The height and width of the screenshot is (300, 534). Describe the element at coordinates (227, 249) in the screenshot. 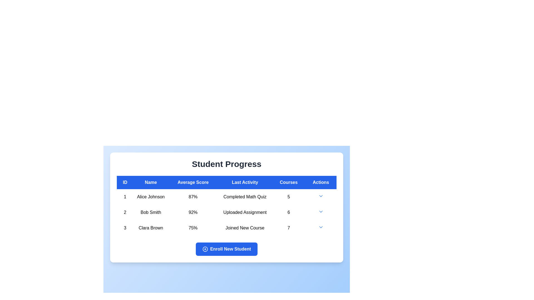

I see `the button located at the bottom of the 'Student Progress' section to initiate the process of enrolling a new student` at that location.